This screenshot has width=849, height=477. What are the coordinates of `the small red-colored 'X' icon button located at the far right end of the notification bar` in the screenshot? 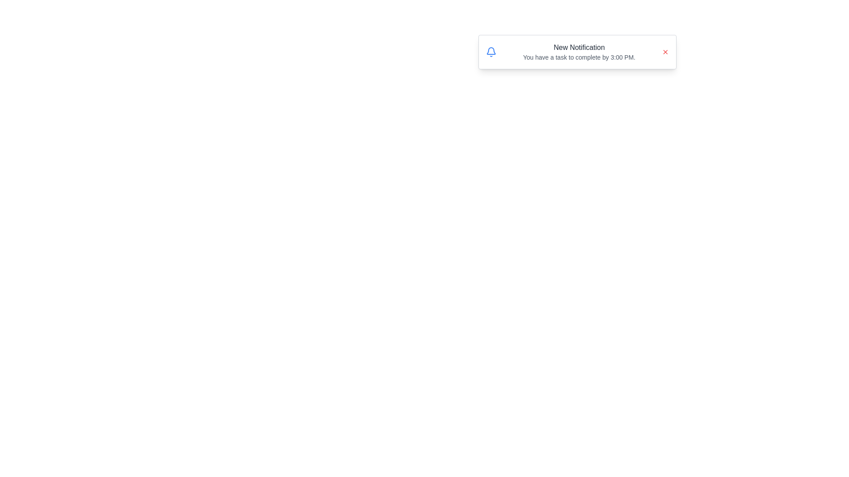 It's located at (665, 52).